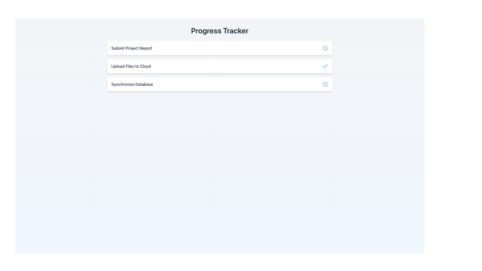 The width and height of the screenshot is (482, 271). What do you see at coordinates (325, 84) in the screenshot?
I see `the Loader icon that indicates the loading process for the 'Synchronize Database' action, located on the far right of the bottom-most row` at bounding box center [325, 84].